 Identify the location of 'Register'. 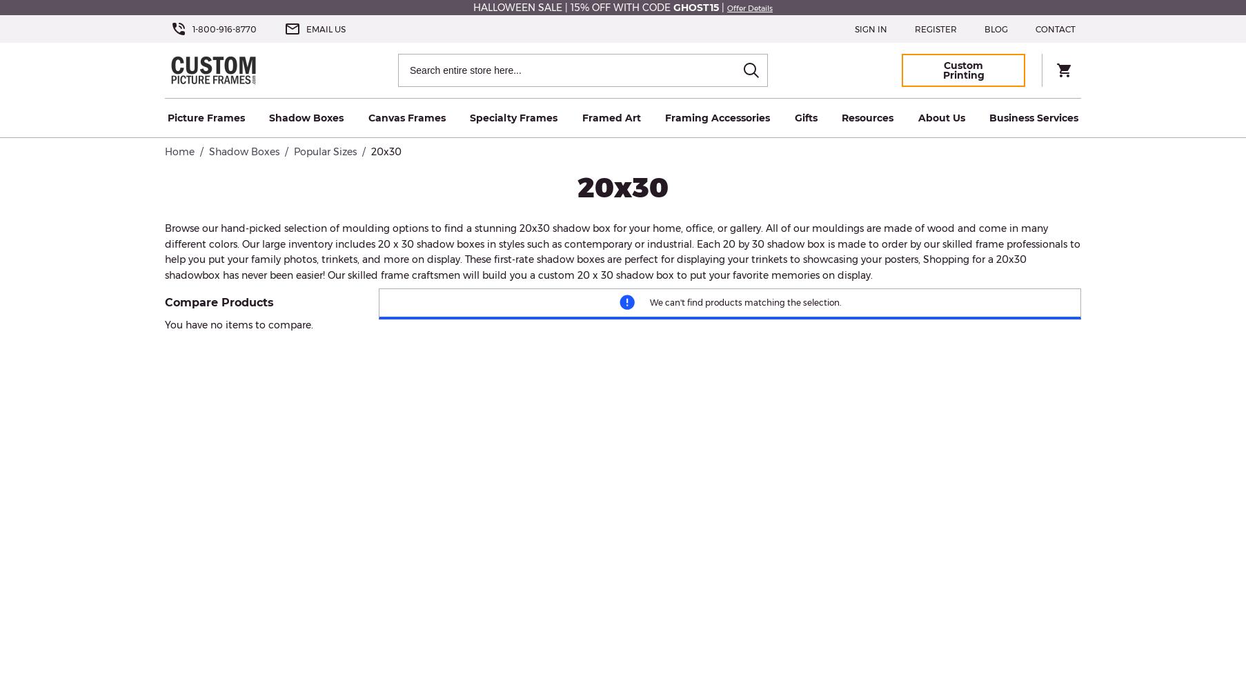
(936, 28).